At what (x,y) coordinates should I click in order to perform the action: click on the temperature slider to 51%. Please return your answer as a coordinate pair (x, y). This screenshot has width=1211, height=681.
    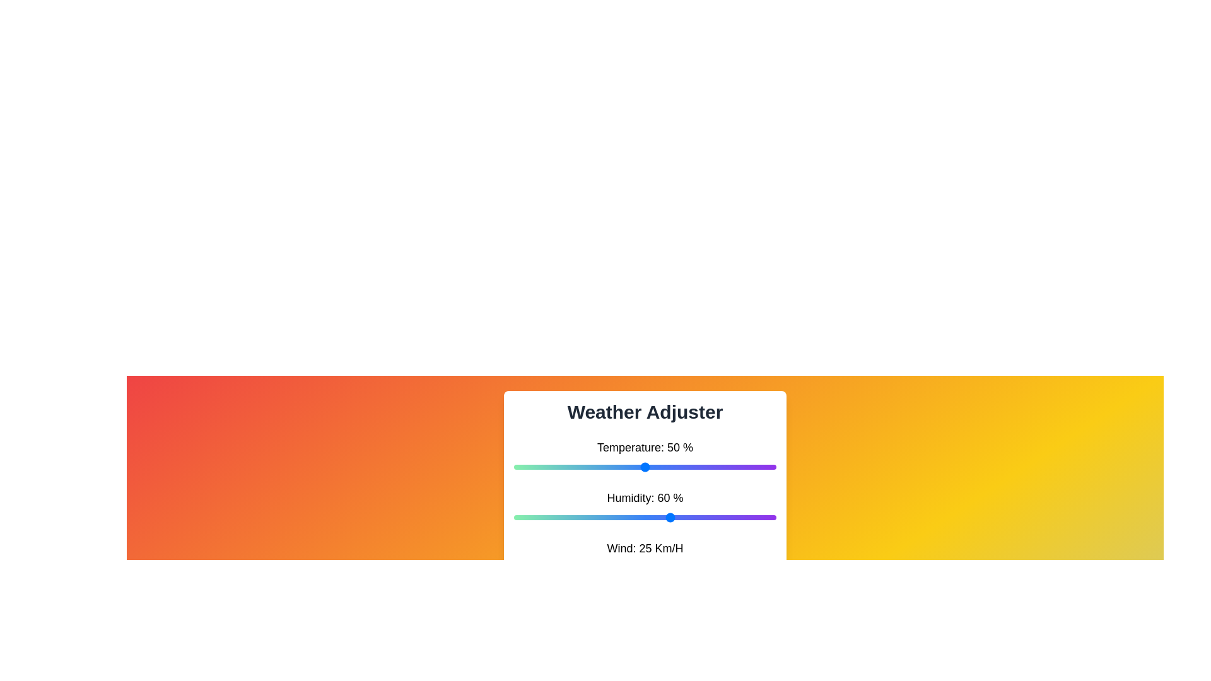
    Looking at the image, I should click on (648, 467).